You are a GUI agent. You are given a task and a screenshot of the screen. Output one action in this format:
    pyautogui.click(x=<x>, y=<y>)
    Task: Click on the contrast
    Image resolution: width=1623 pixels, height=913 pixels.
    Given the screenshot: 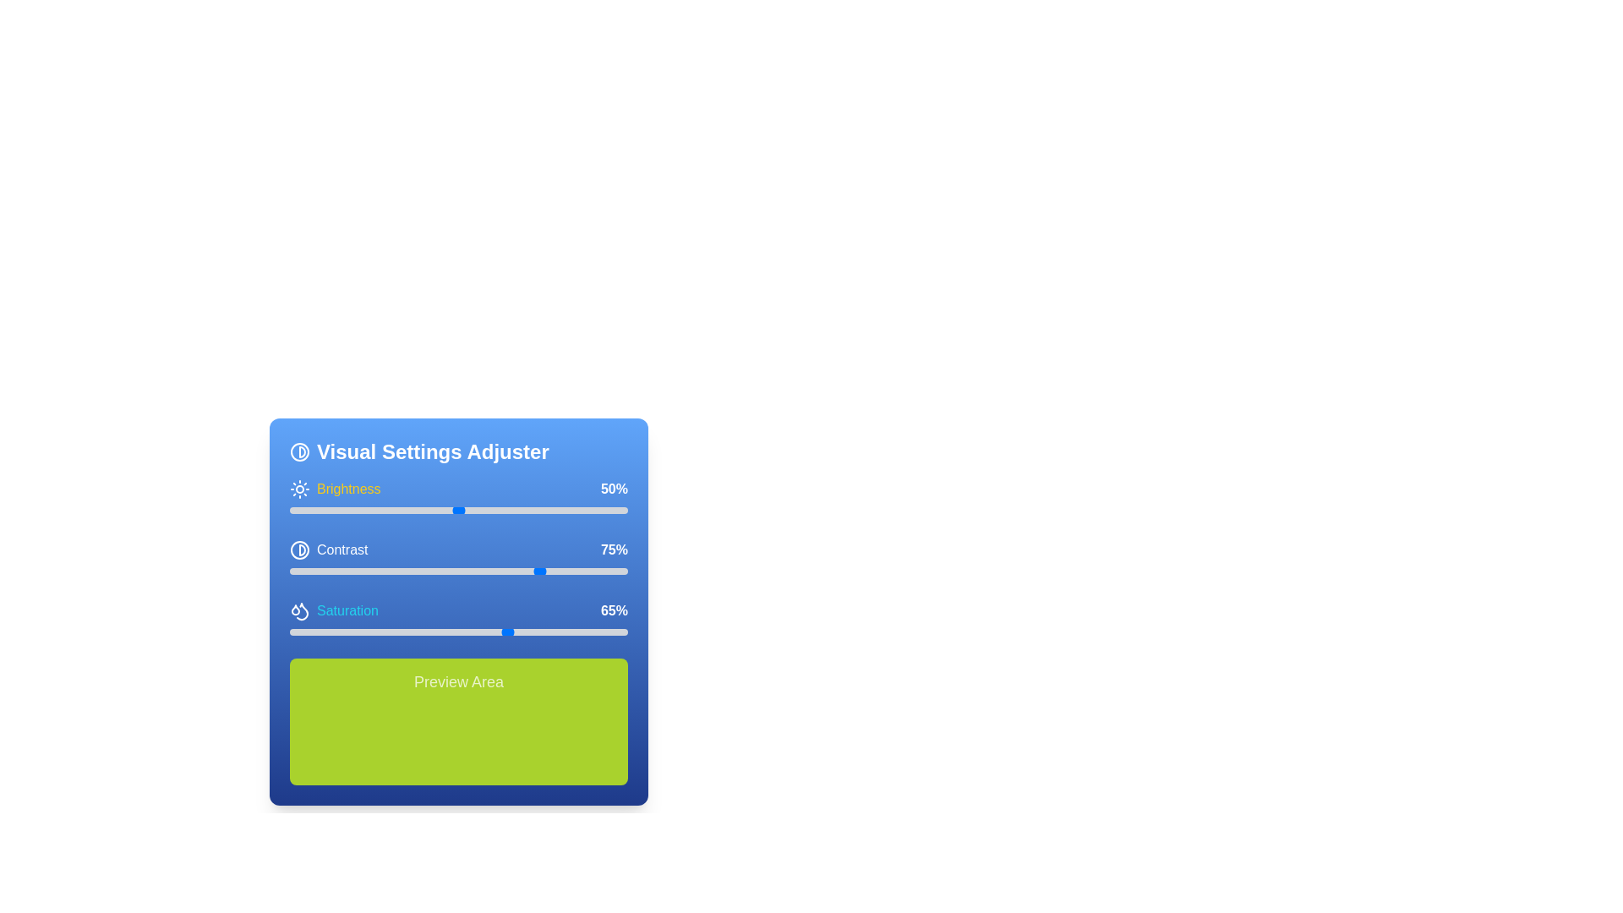 What is the action you would take?
    pyautogui.click(x=462, y=571)
    